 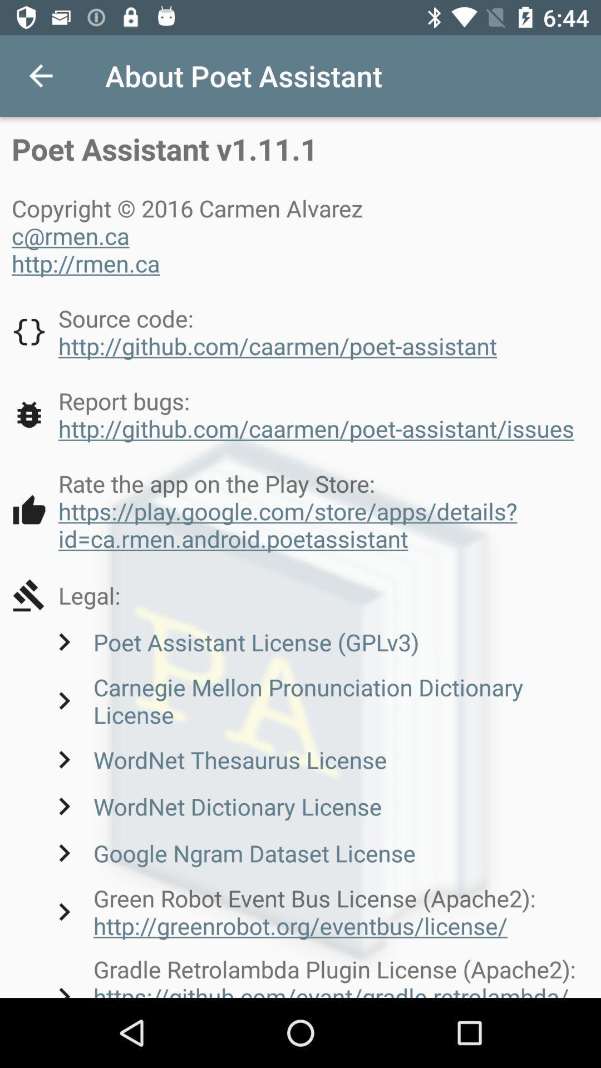 What do you see at coordinates (318, 912) in the screenshot?
I see `green robot event icon` at bounding box center [318, 912].